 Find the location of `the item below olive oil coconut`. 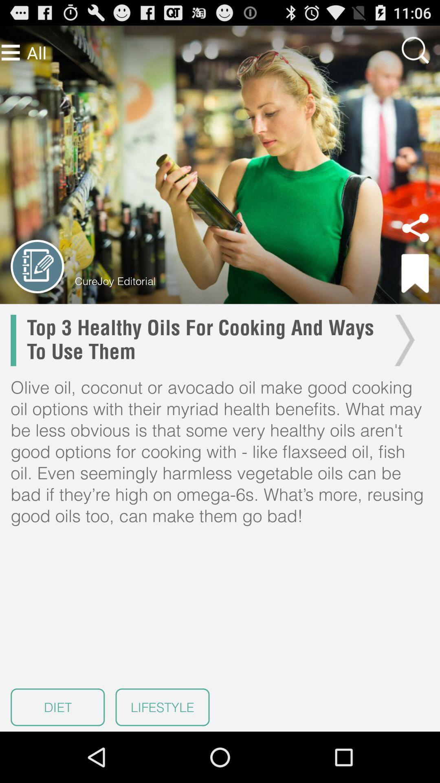

the item below olive oil coconut is located at coordinates (162, 707).